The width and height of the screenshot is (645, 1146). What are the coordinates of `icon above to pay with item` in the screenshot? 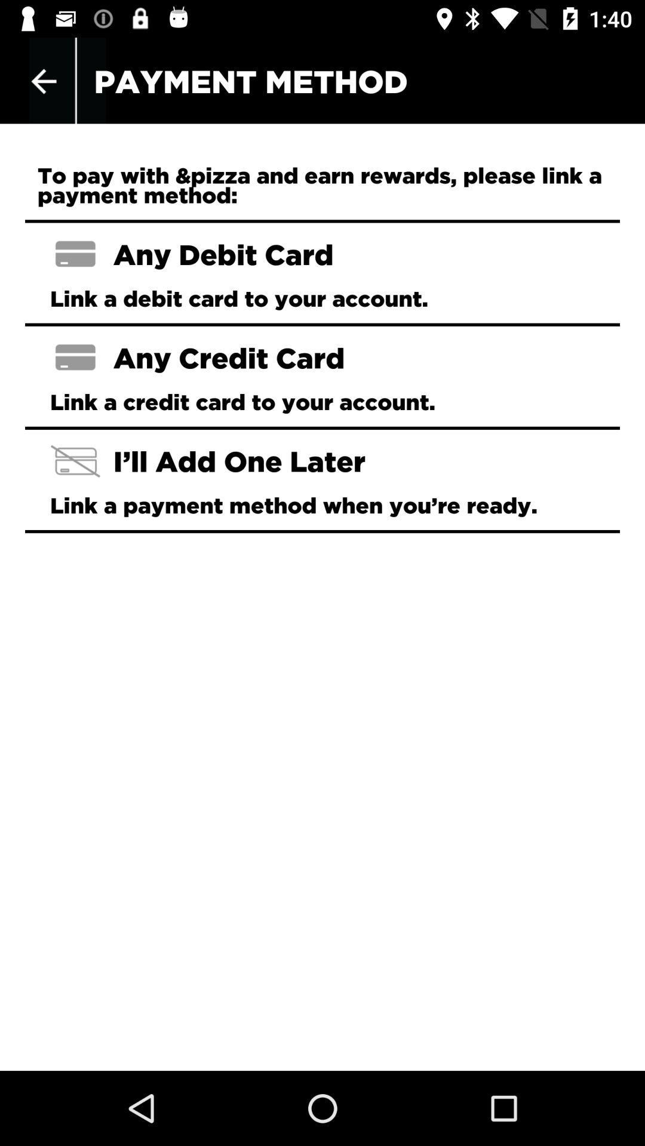 It's located at (43, 81).